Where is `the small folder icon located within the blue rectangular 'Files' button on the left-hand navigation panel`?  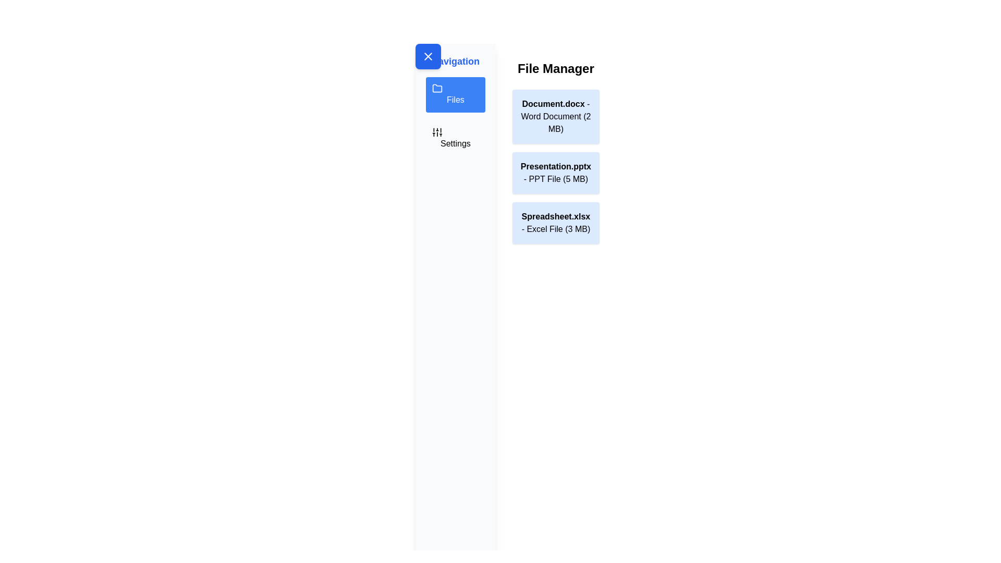
the small folder icon located within the blue rectangular 'Files' button on the left-hand navigation panel is located at coordinates (437, 88).